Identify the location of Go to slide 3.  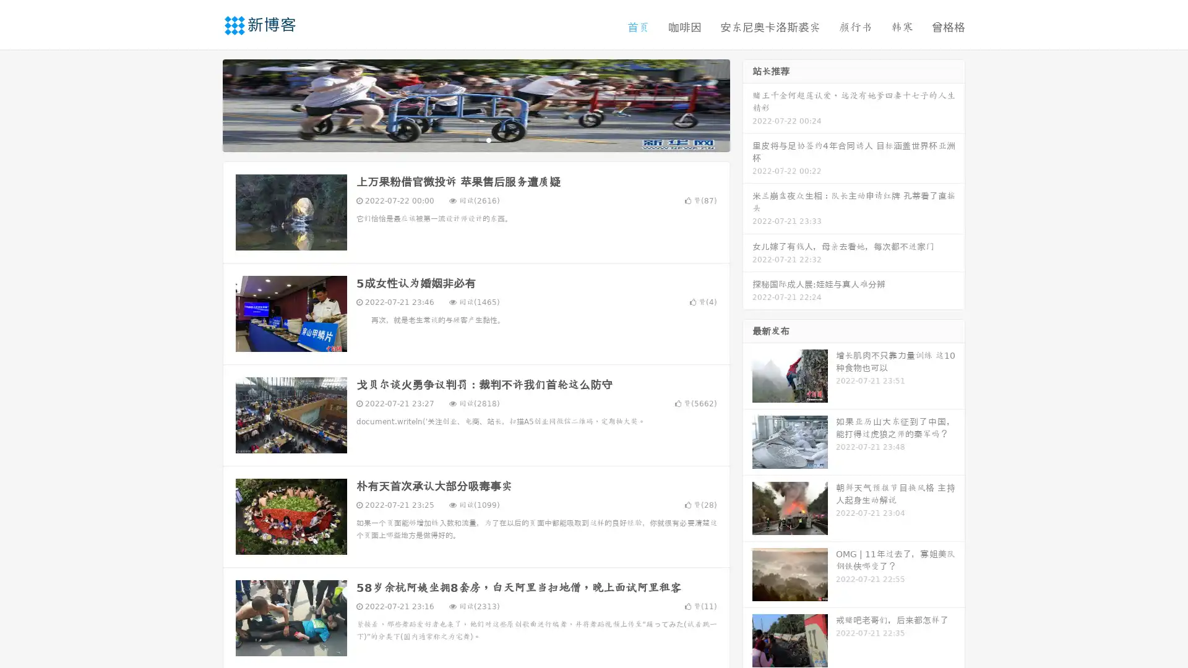
(488, 139).